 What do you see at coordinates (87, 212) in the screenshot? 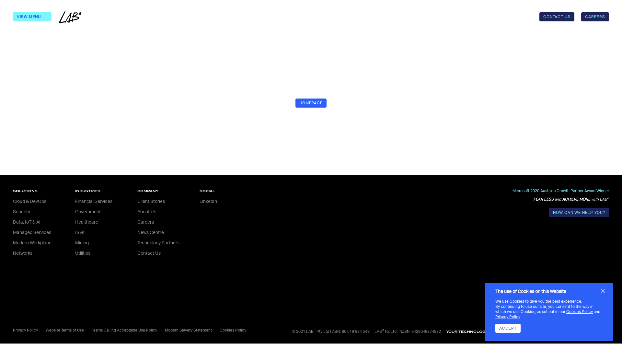
I see `'Government'` at bounding box center [87, 212].